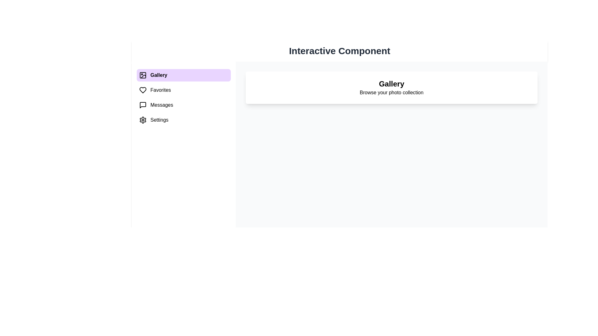 The height and width of the screenshot is (336, 598). I want to click on the menu item Settings to switch the content area, so click(183, 120).